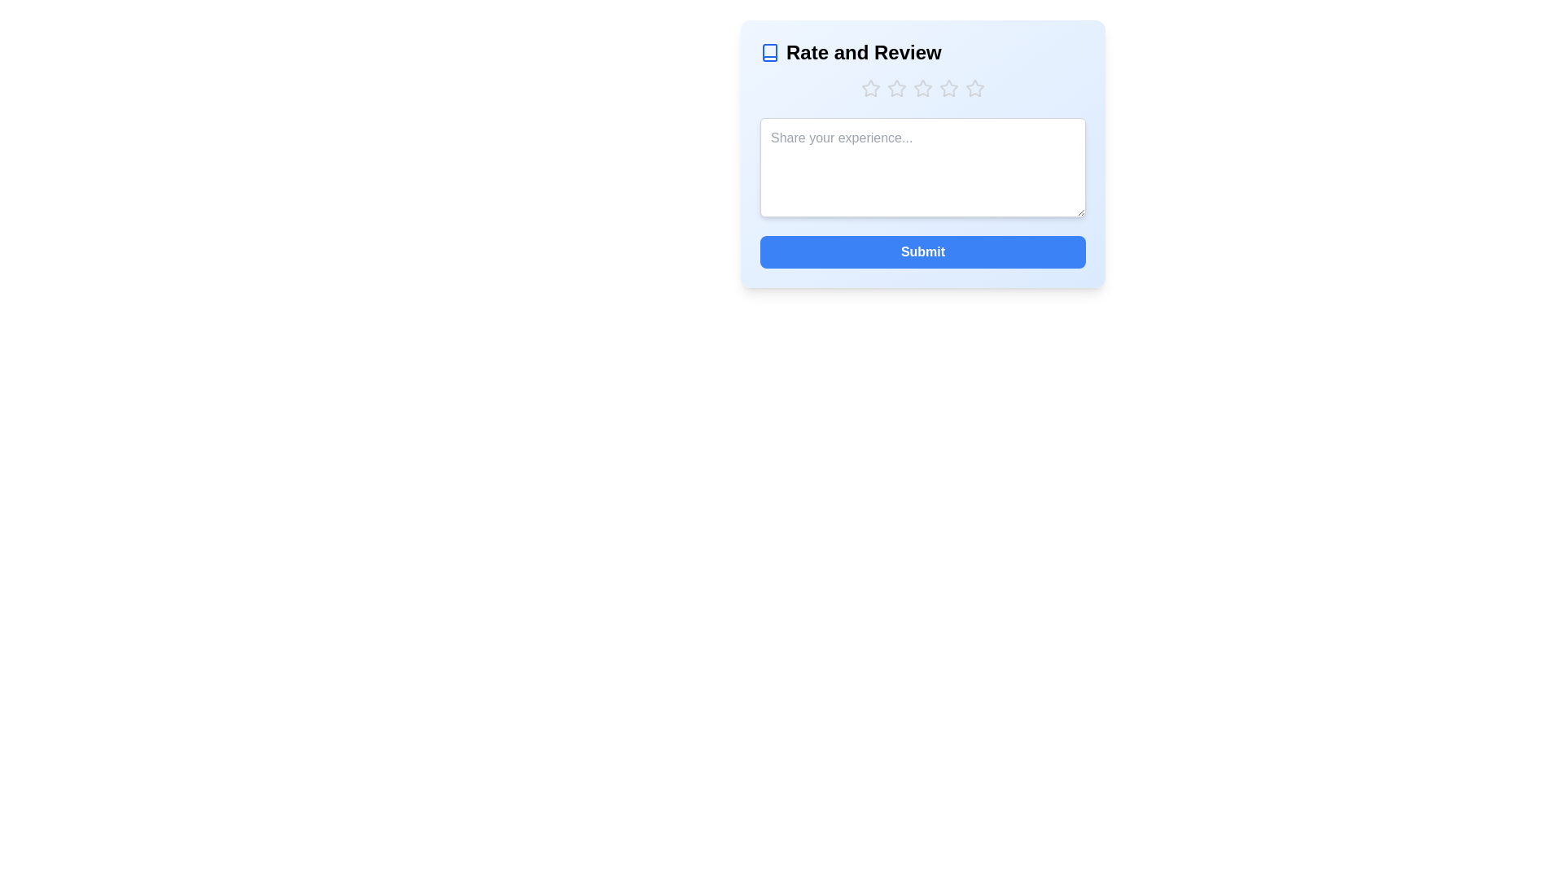 The image size is (1563, 879). I want to click on the submit button, so click(922, 251).